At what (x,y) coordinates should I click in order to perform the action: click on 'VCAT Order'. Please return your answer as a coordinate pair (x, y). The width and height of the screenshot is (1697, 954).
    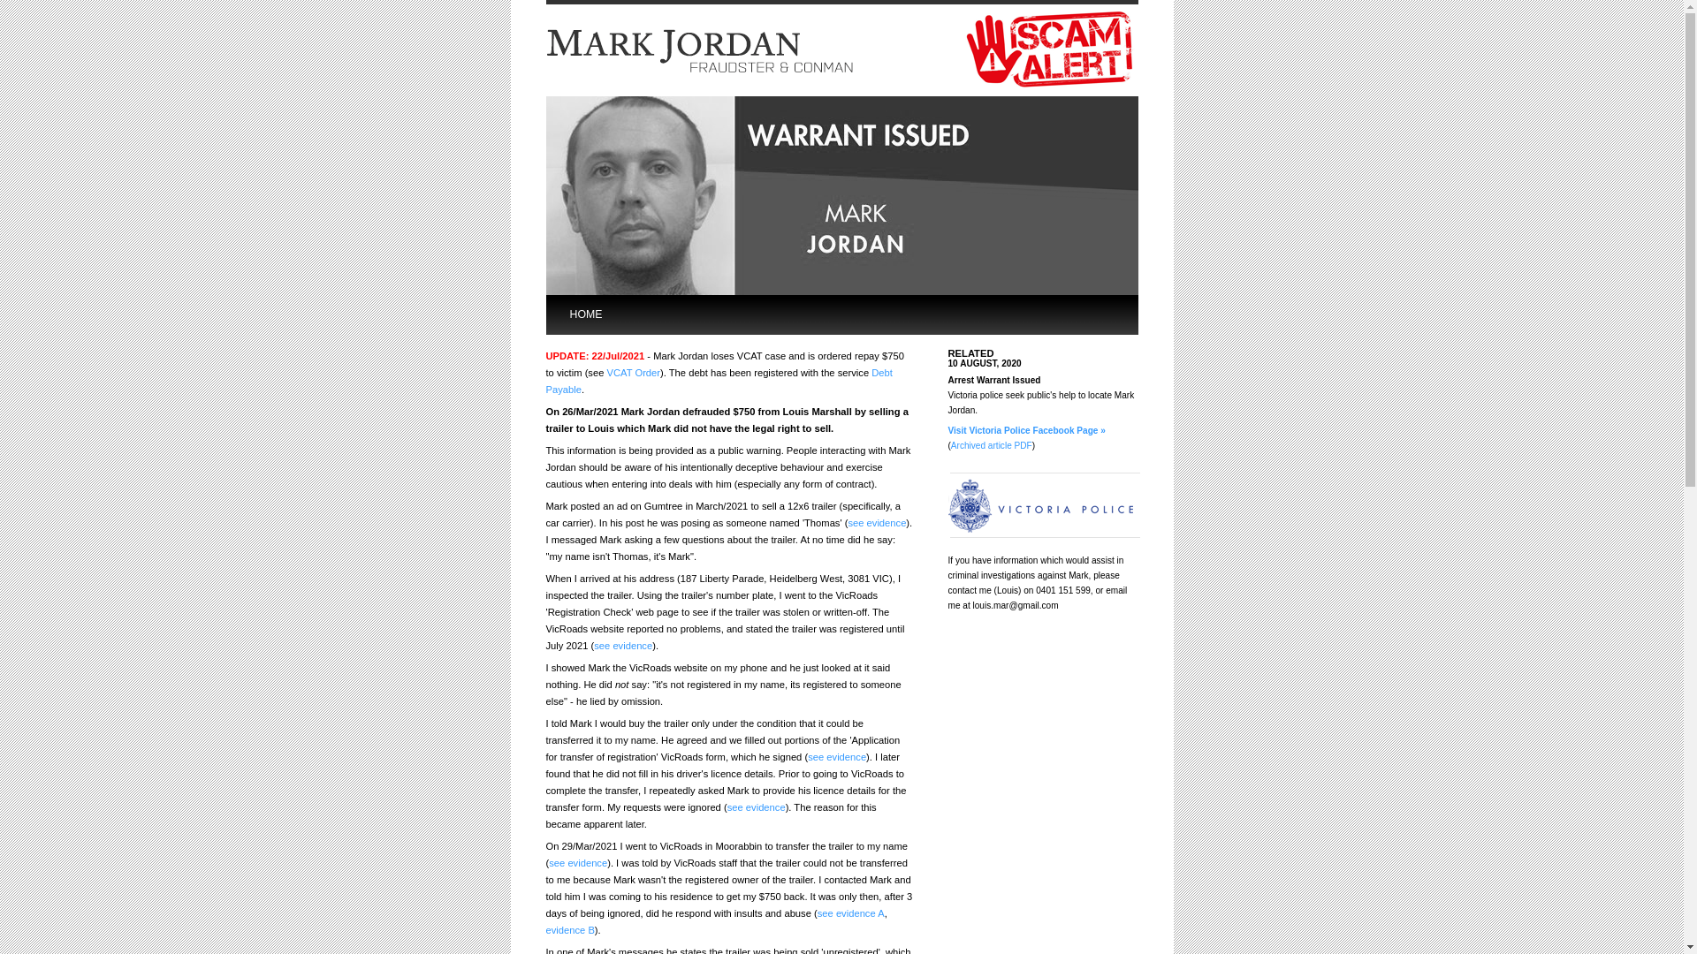
    Looking at the image, I should click on (634, 371).